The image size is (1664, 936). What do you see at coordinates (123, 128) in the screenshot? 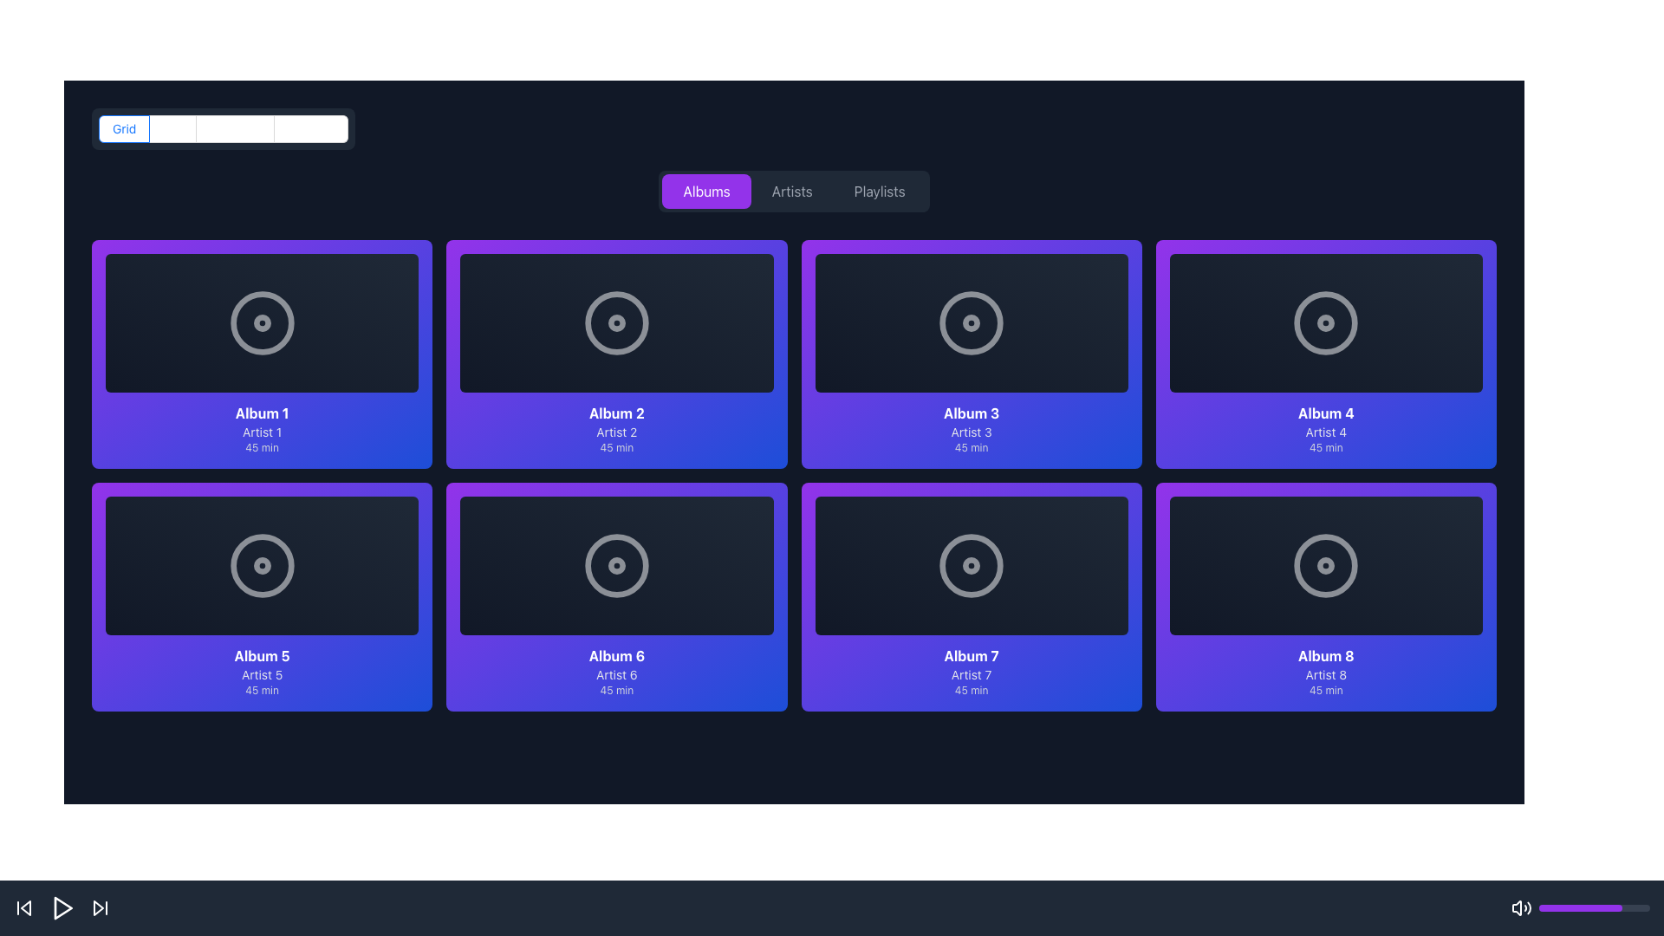
I see `the 'Grid' radio button` at bounding box center [123, 128].